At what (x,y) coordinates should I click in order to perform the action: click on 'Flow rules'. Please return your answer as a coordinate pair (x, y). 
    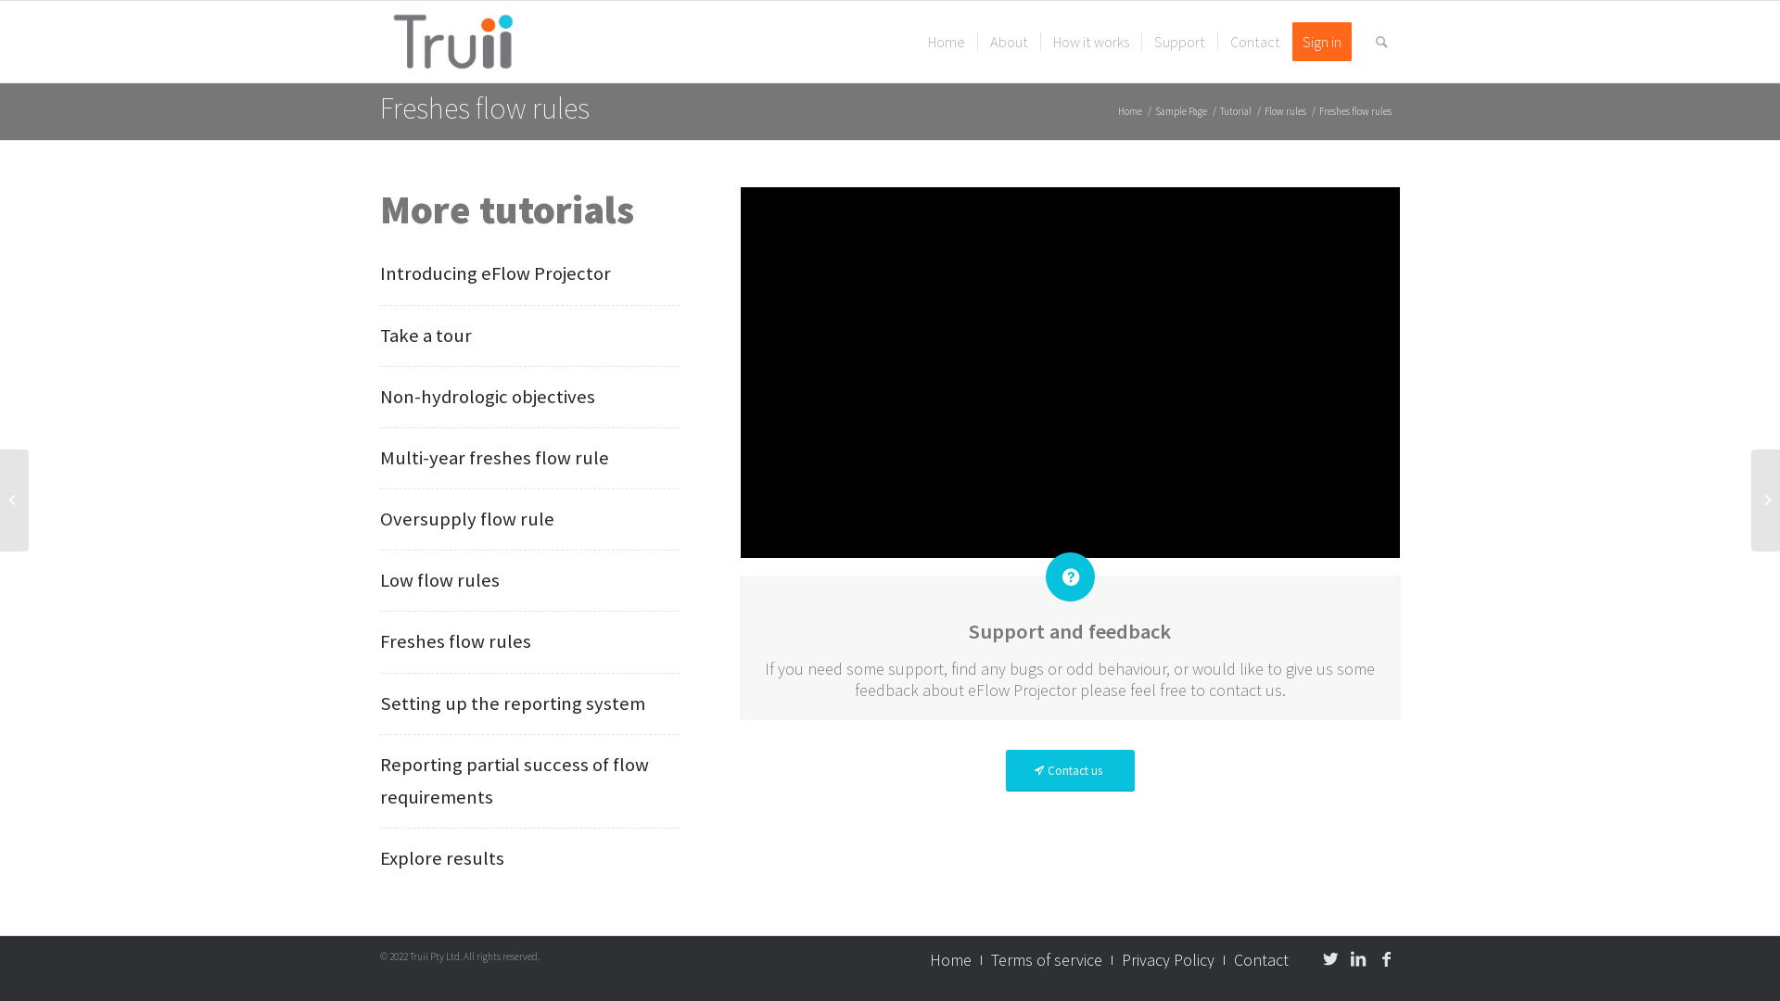
    Looking at the image, I should click on (1284, 111).